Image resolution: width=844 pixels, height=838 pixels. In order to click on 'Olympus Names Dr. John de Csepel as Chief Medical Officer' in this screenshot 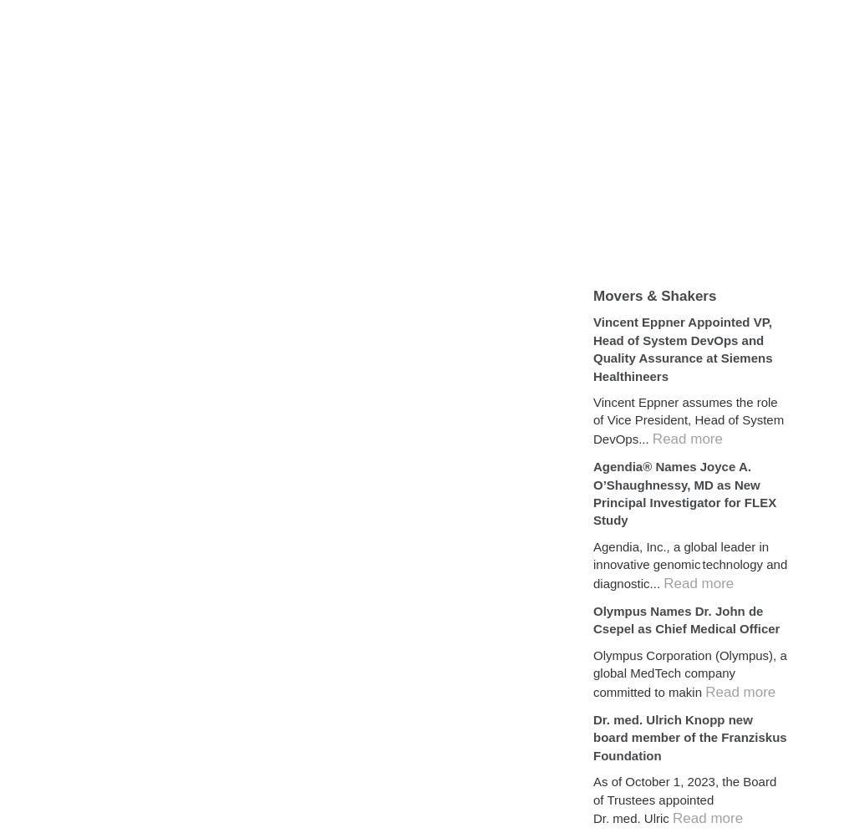, I will do `click(686, 618)`.